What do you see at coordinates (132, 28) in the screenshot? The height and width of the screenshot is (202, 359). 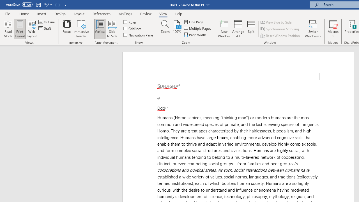 I see `'Gridlines'` at bounding box center [132, 28].